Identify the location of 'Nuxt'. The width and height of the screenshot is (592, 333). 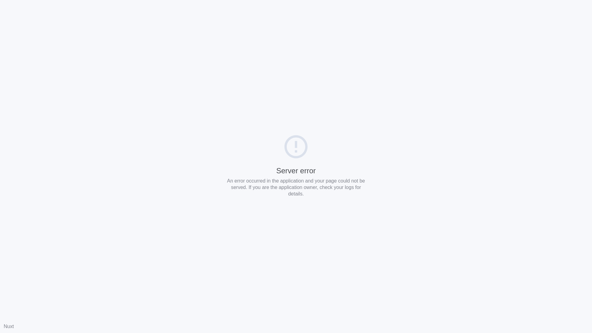
(4, 326).